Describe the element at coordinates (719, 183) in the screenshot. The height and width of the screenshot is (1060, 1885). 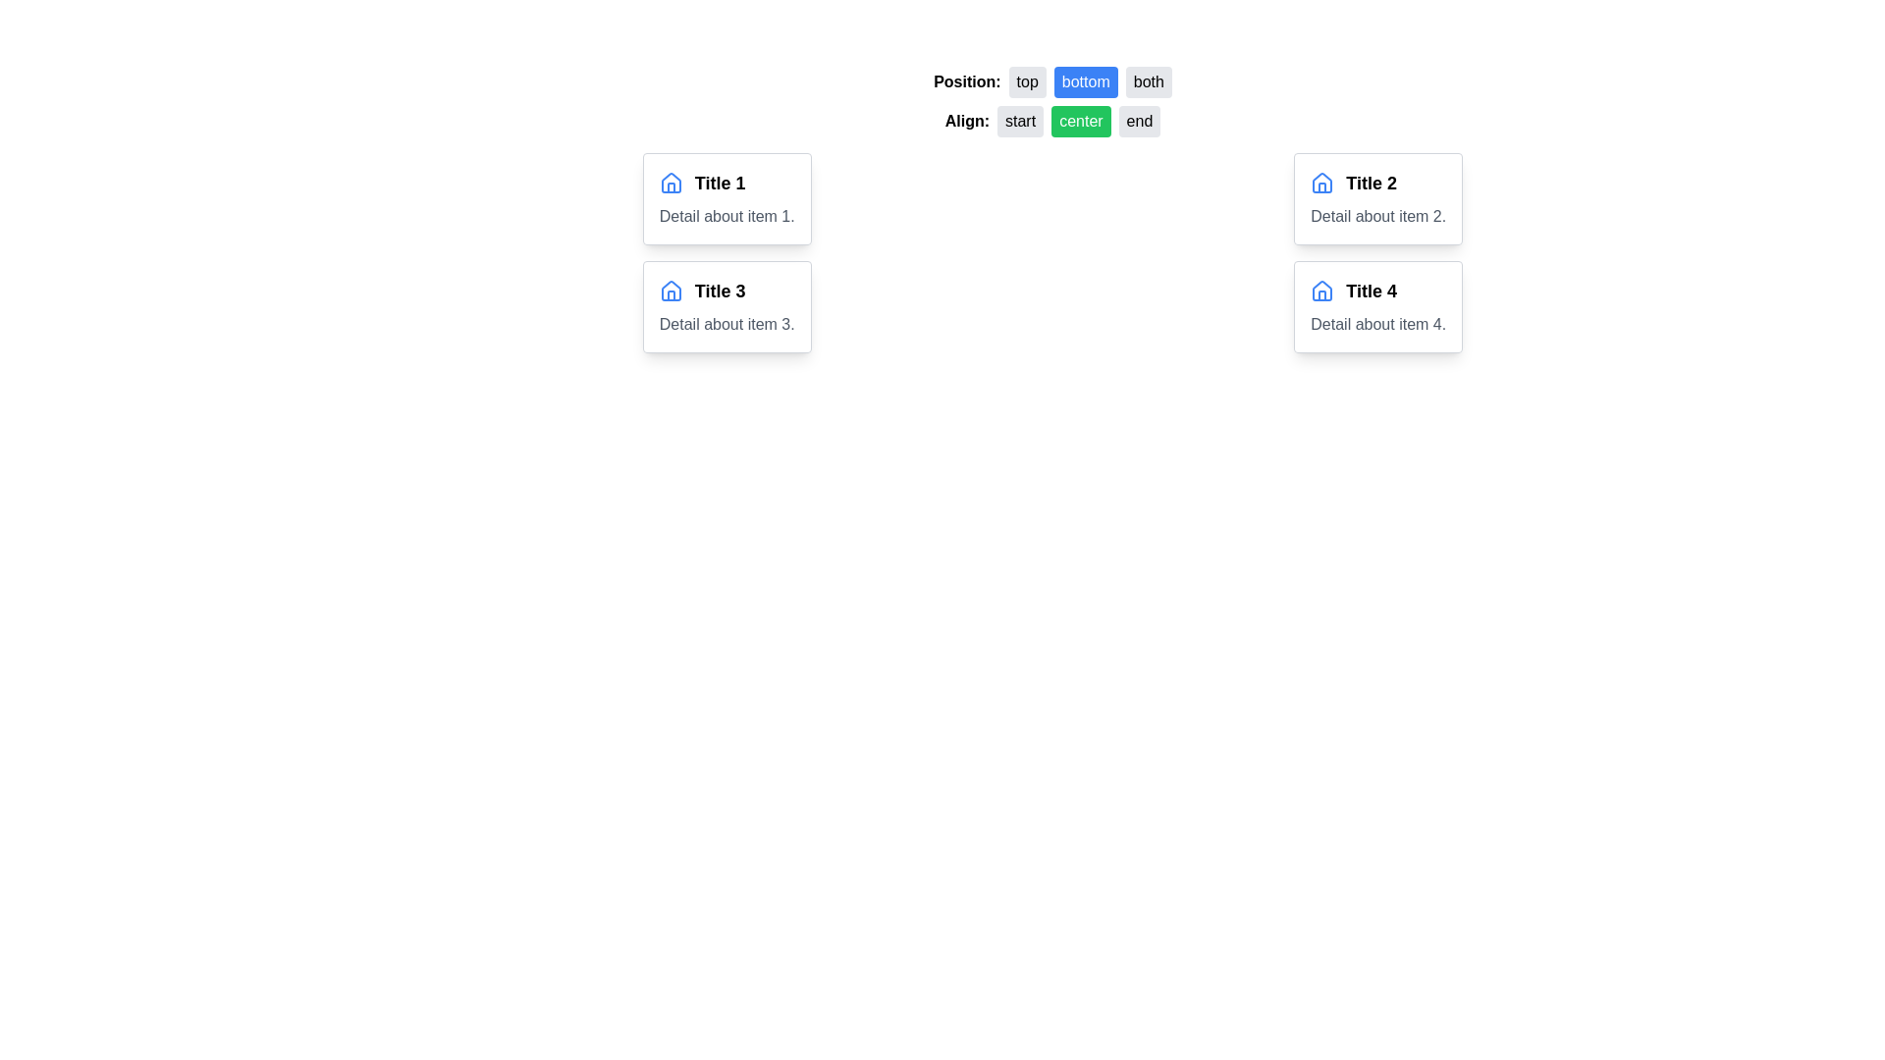
I see `text label that serves as the title for the first card in the vertical list, positioned to the left of a house icon` at that location.